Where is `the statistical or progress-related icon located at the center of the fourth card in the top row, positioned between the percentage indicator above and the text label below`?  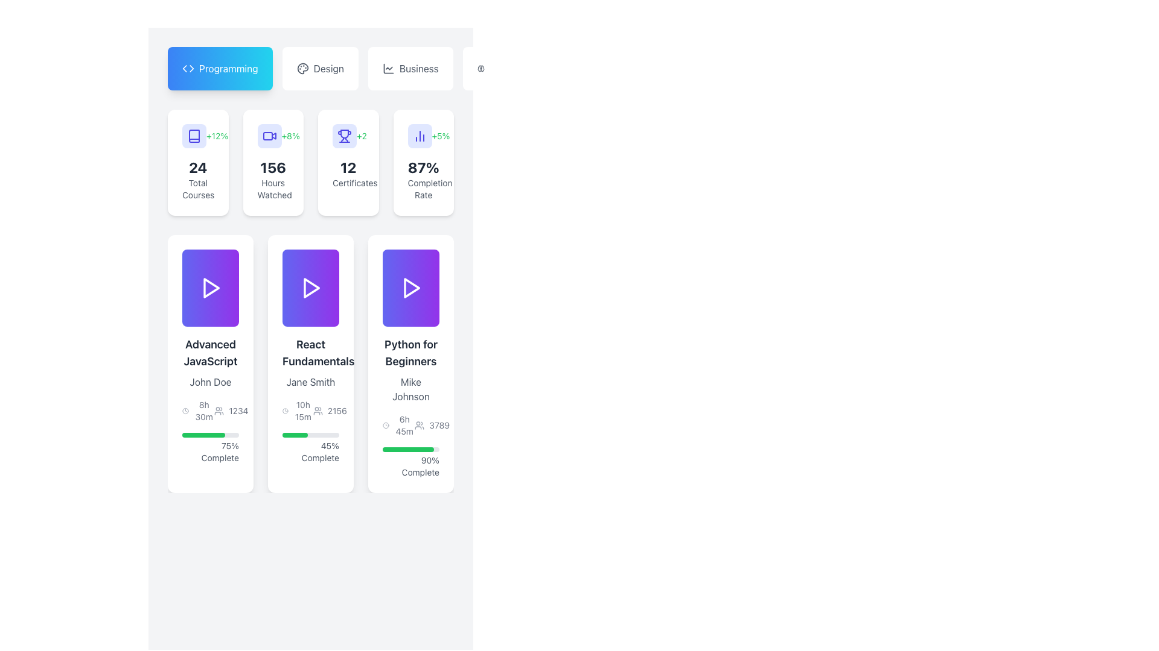
the statistical or progress-related icon located at the center of the fourth card in the top row, positioned between the percentage indicator above and the text label below is located at coordinates (420, 136).